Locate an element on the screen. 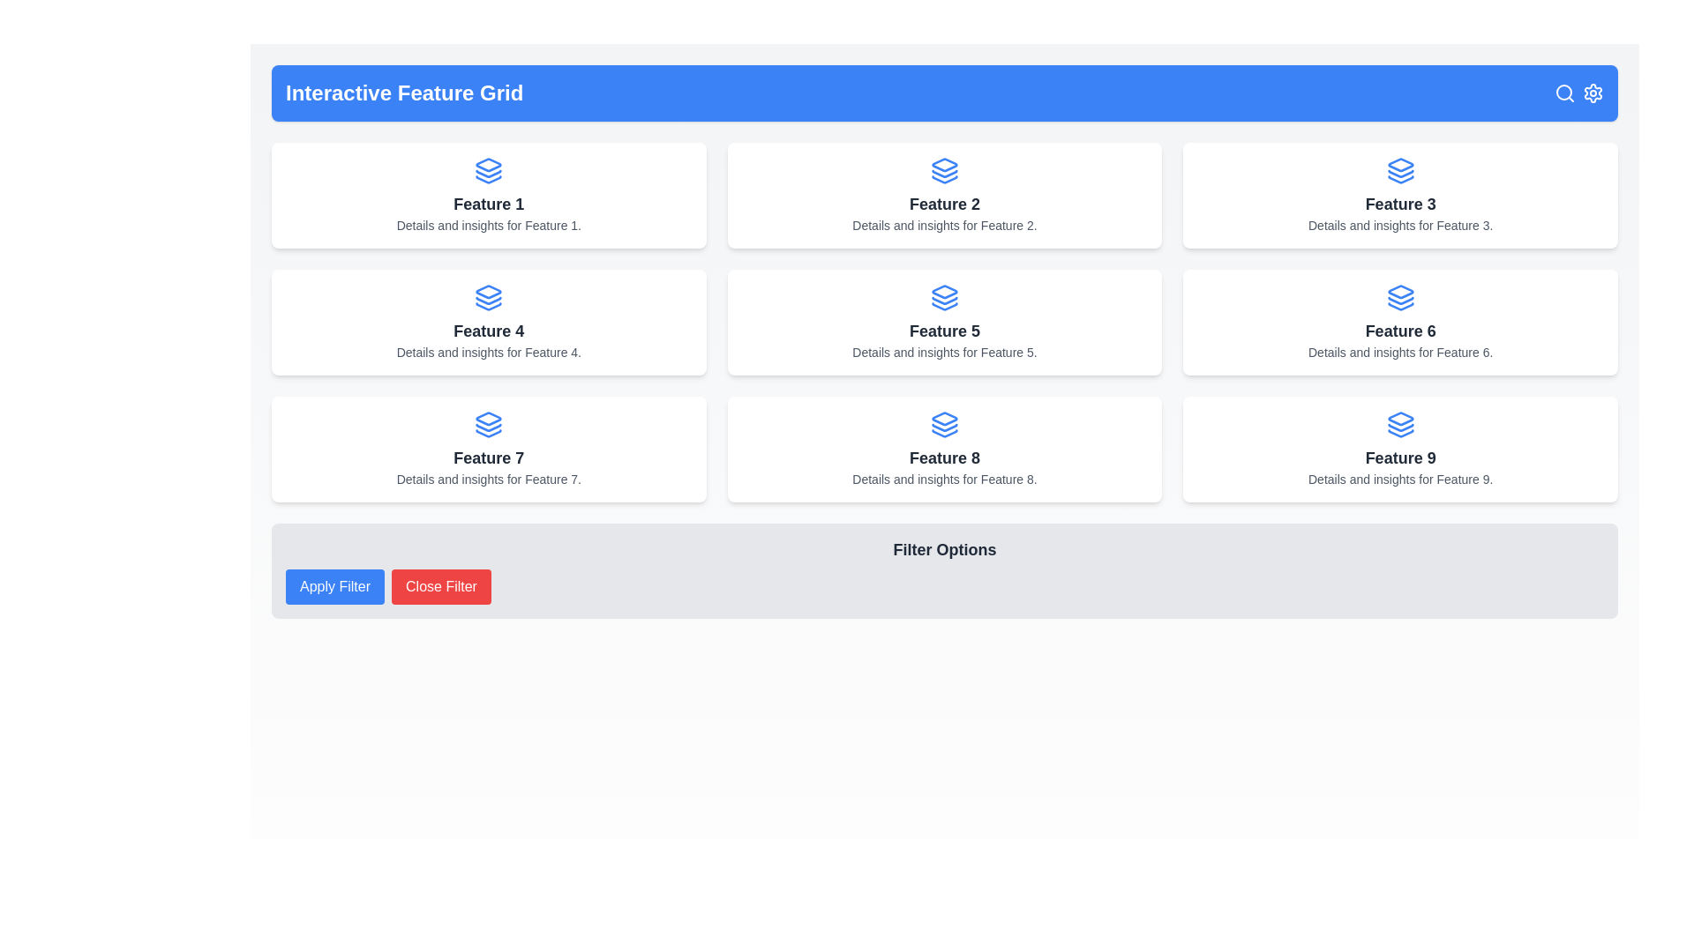  text displayed in the title or header of the top-left card in the grid layout under the blue header labeled 'Interactive Feature Grid' is located at coordinates (489, 203).